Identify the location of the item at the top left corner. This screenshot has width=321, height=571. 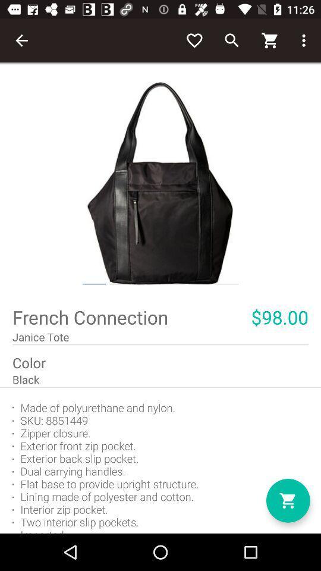
(21, 40).